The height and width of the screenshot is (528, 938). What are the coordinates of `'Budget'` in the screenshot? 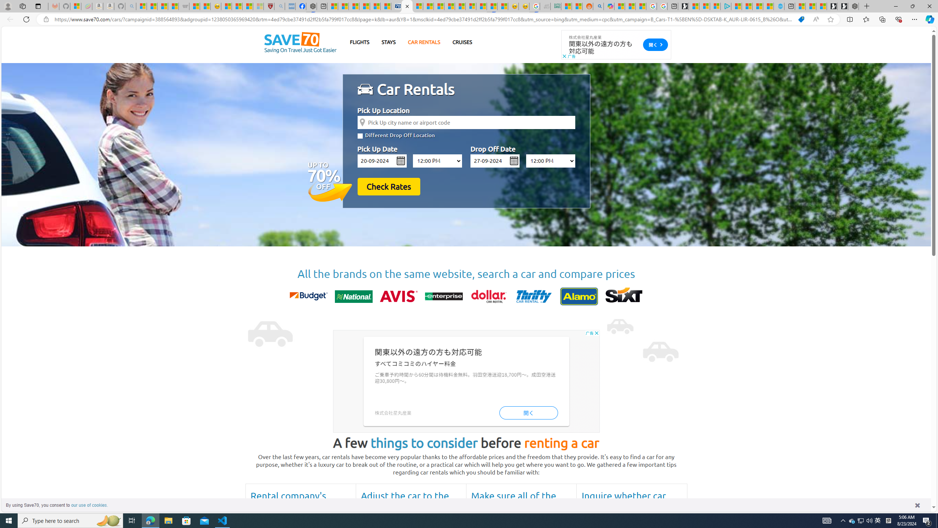 It's located at (308, 296).